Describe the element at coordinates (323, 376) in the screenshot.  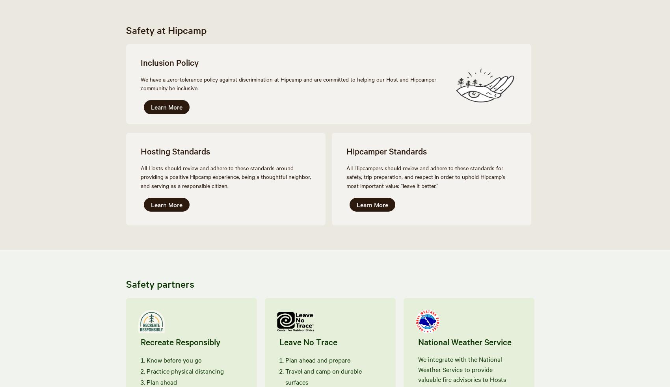
I see `'Travel and camp on durable surfaces'` at that location.